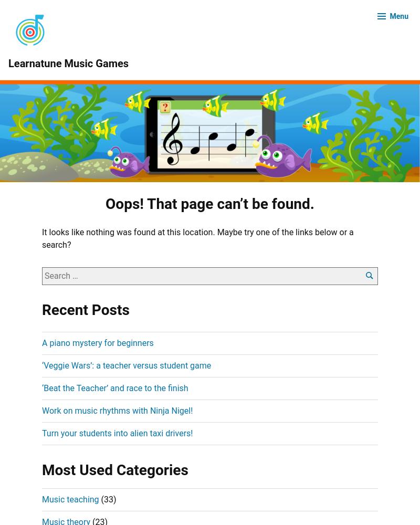  Describe the element at coordinates (98, 498) in the screenshot. I see `'(33)'` at that location.